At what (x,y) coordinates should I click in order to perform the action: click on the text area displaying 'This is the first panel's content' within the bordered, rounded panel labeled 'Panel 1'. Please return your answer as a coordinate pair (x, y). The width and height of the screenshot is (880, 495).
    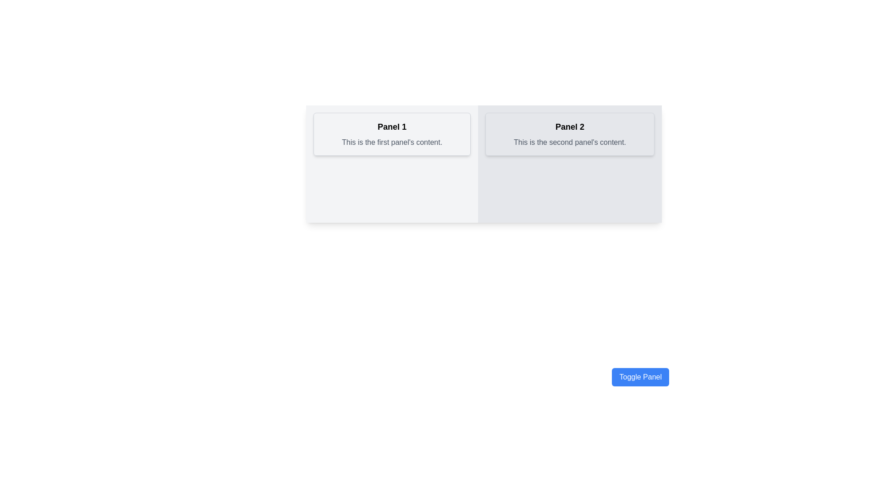
    Looking at the image, I should click on (392, 143).